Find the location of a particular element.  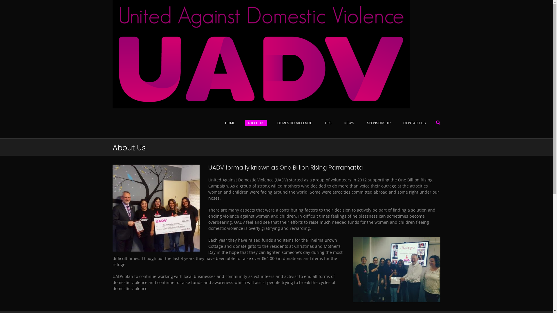

'NEWS' is located at coordinates (349, 123).